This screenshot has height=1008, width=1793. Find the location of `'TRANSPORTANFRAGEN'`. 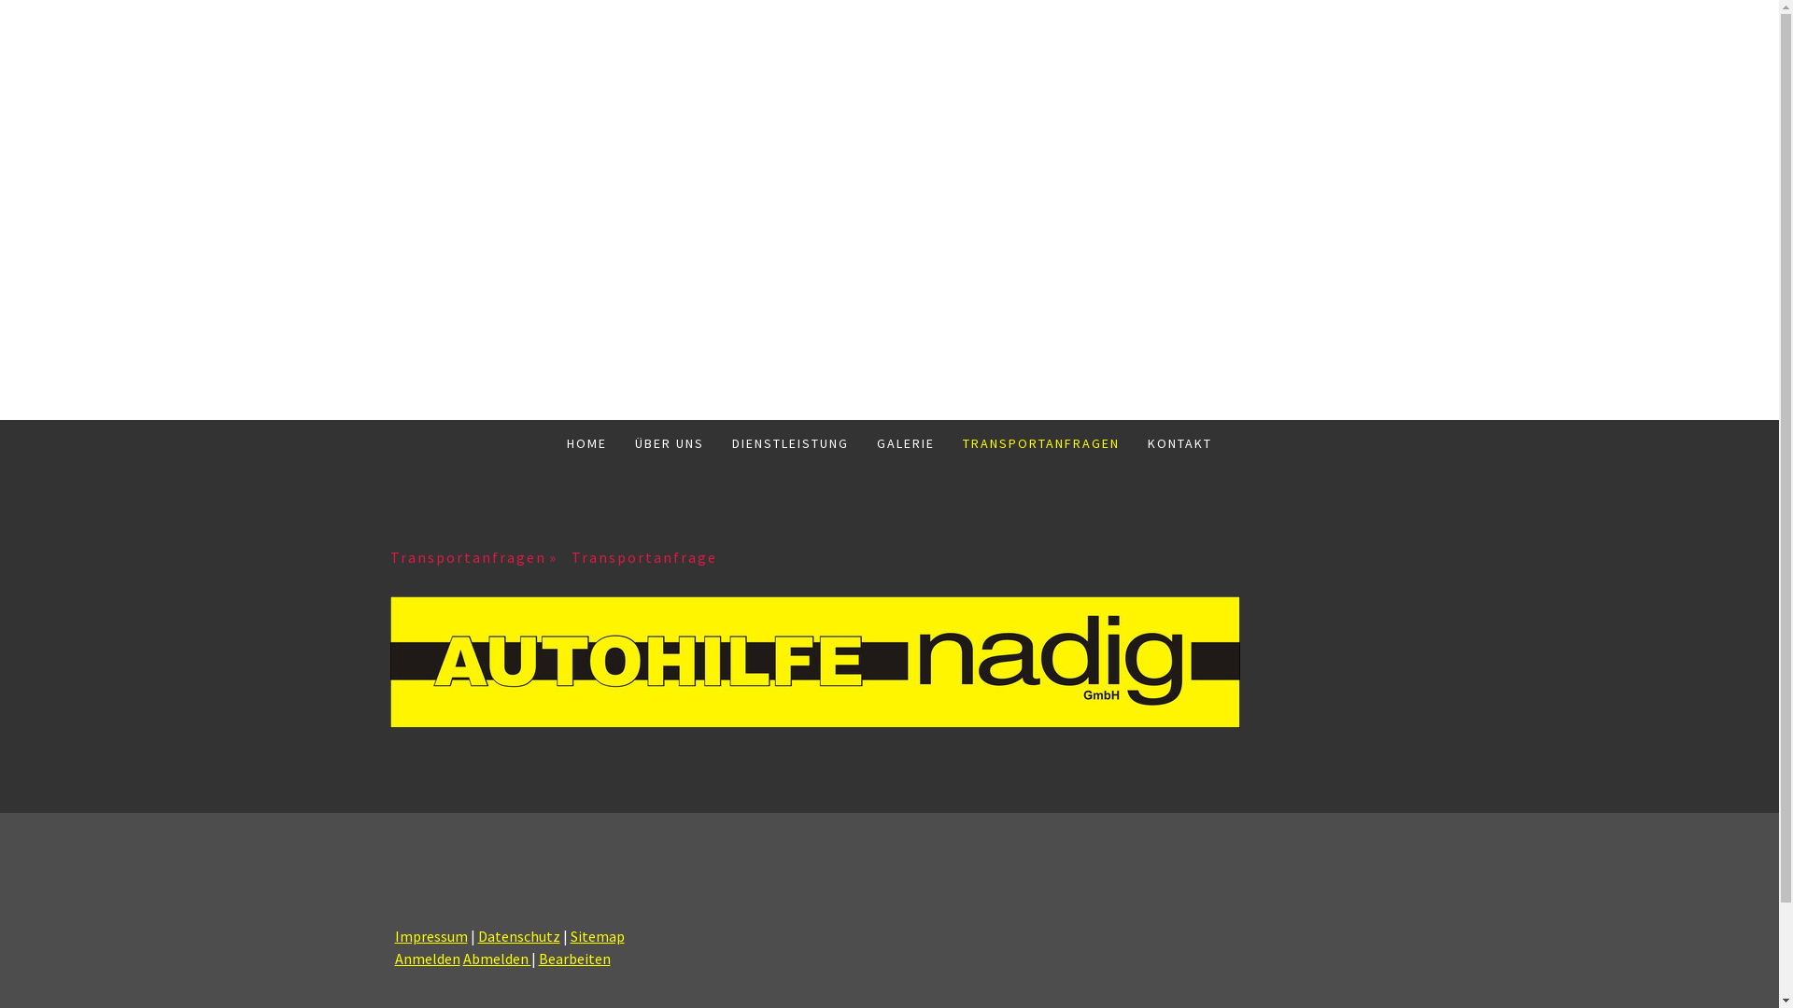

'TRANSPORTANFRAGEN' is located at coordinates (1039, 442).